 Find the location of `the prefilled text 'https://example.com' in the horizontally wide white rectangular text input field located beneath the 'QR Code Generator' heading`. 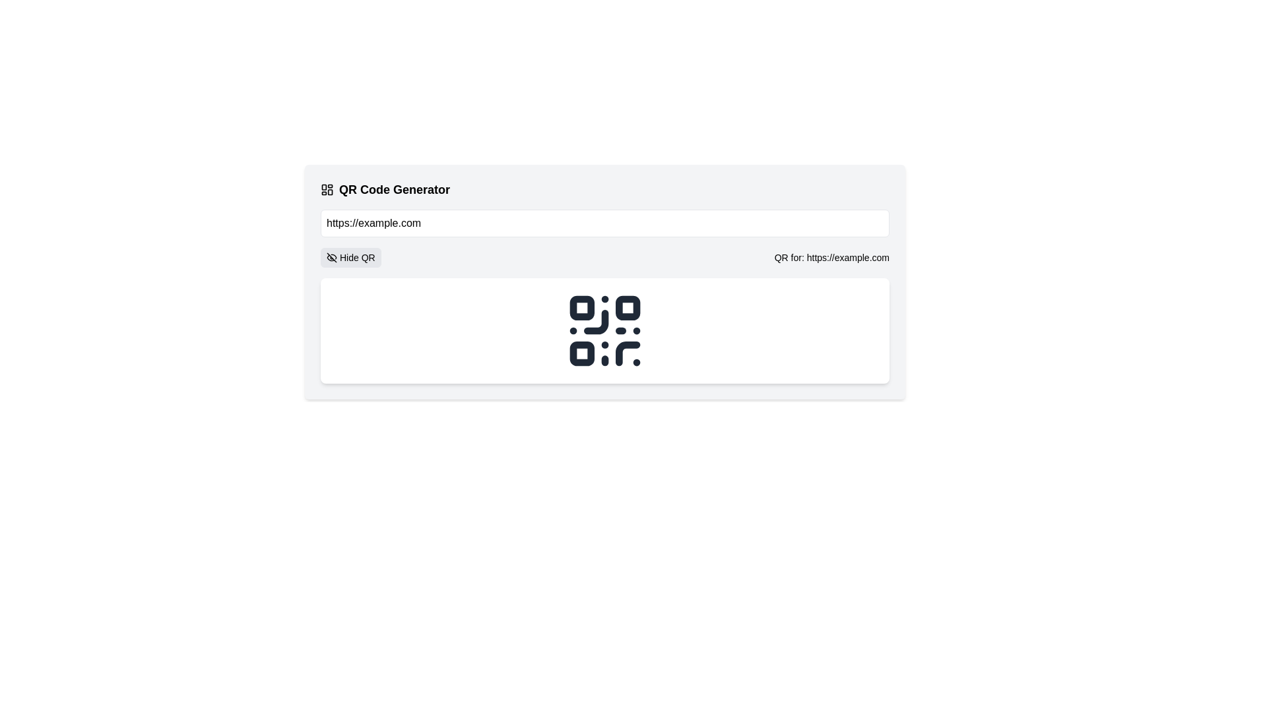

the prefilled text 'https://example.com' in the horizontally wide white rectangular text input field located beneath the 'QR Code Generator' heading is located at coordinates (604, 223).